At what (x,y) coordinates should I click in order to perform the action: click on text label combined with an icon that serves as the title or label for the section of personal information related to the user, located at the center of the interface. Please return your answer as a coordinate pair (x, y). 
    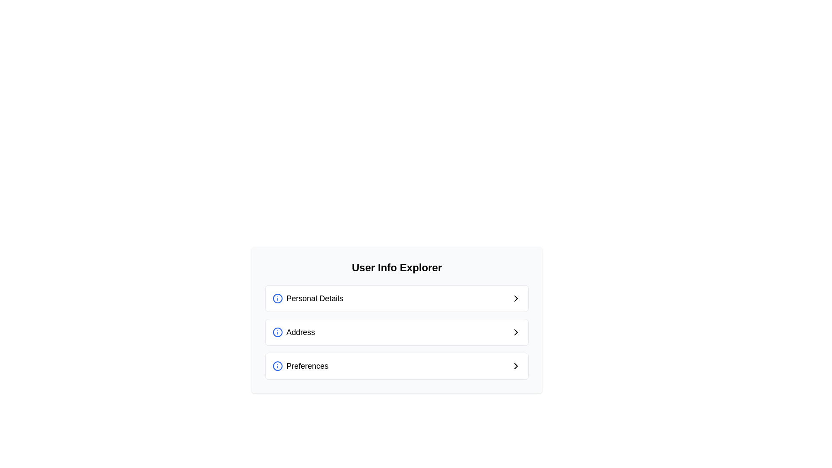
    Looking at the image, I should click on (308, 298).